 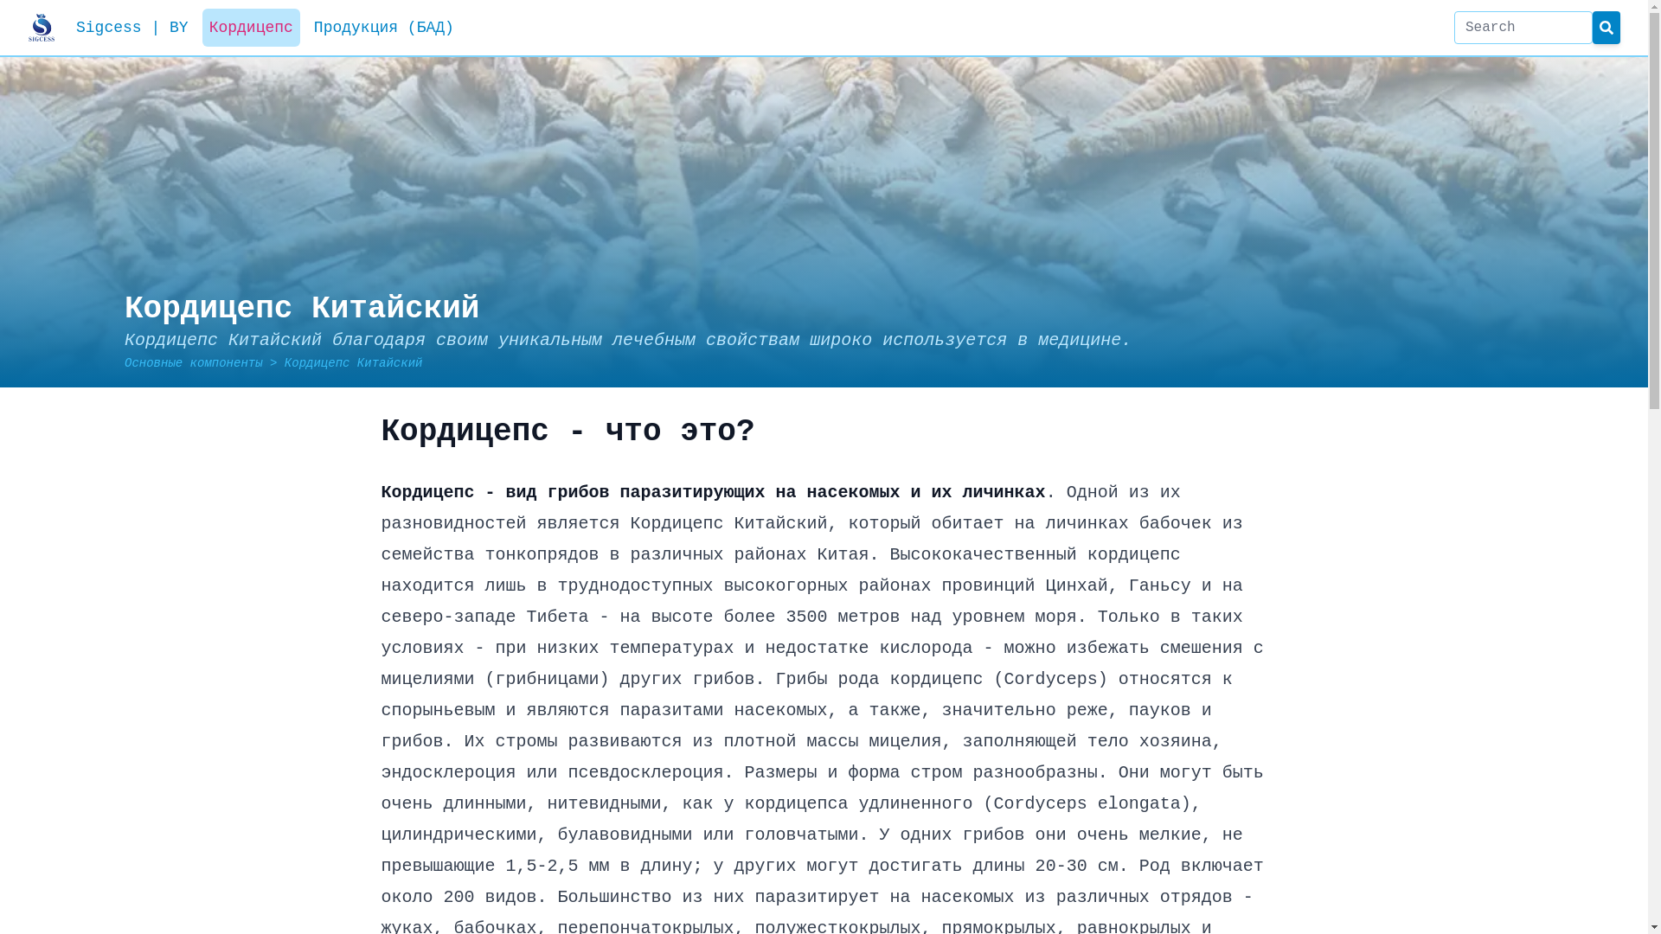 What do you see at coordinates (131, 27) in the screenshot?
I see `'Sigcess | BY'` at bounding box center [131, 27].